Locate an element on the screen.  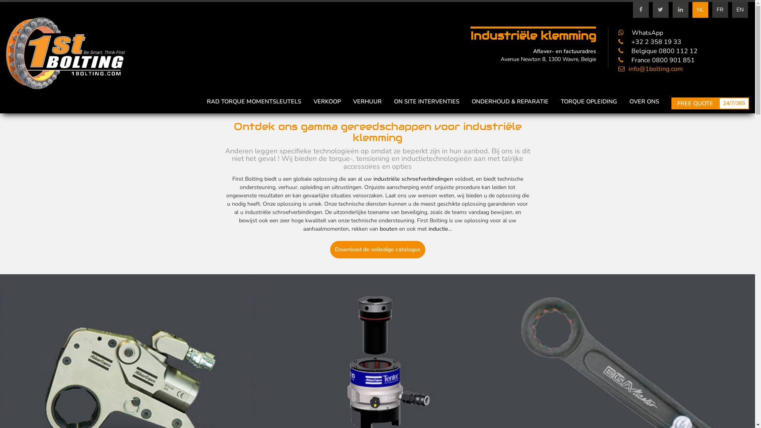
'+32 2 358 19 33' is located at coordinates (650, 42).